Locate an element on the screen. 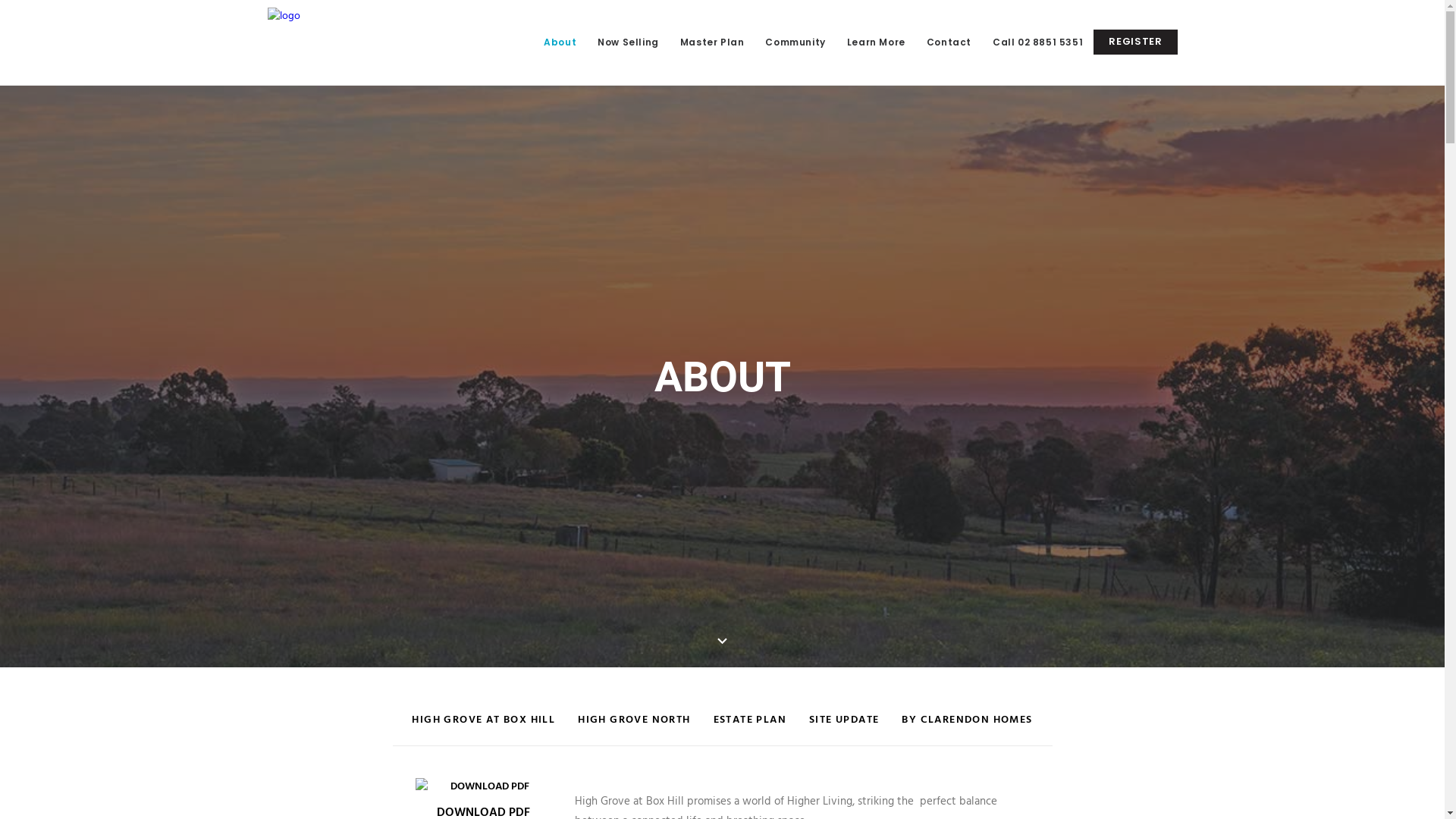 The height and width of the screenshot is (819, 1456). 'SITE UPDATE' is located at coordinates (843, 727).